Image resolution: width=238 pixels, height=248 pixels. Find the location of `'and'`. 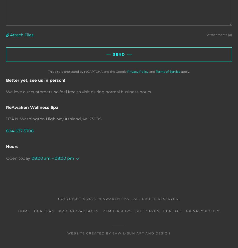

'and' is located at coordinates (152, 71).